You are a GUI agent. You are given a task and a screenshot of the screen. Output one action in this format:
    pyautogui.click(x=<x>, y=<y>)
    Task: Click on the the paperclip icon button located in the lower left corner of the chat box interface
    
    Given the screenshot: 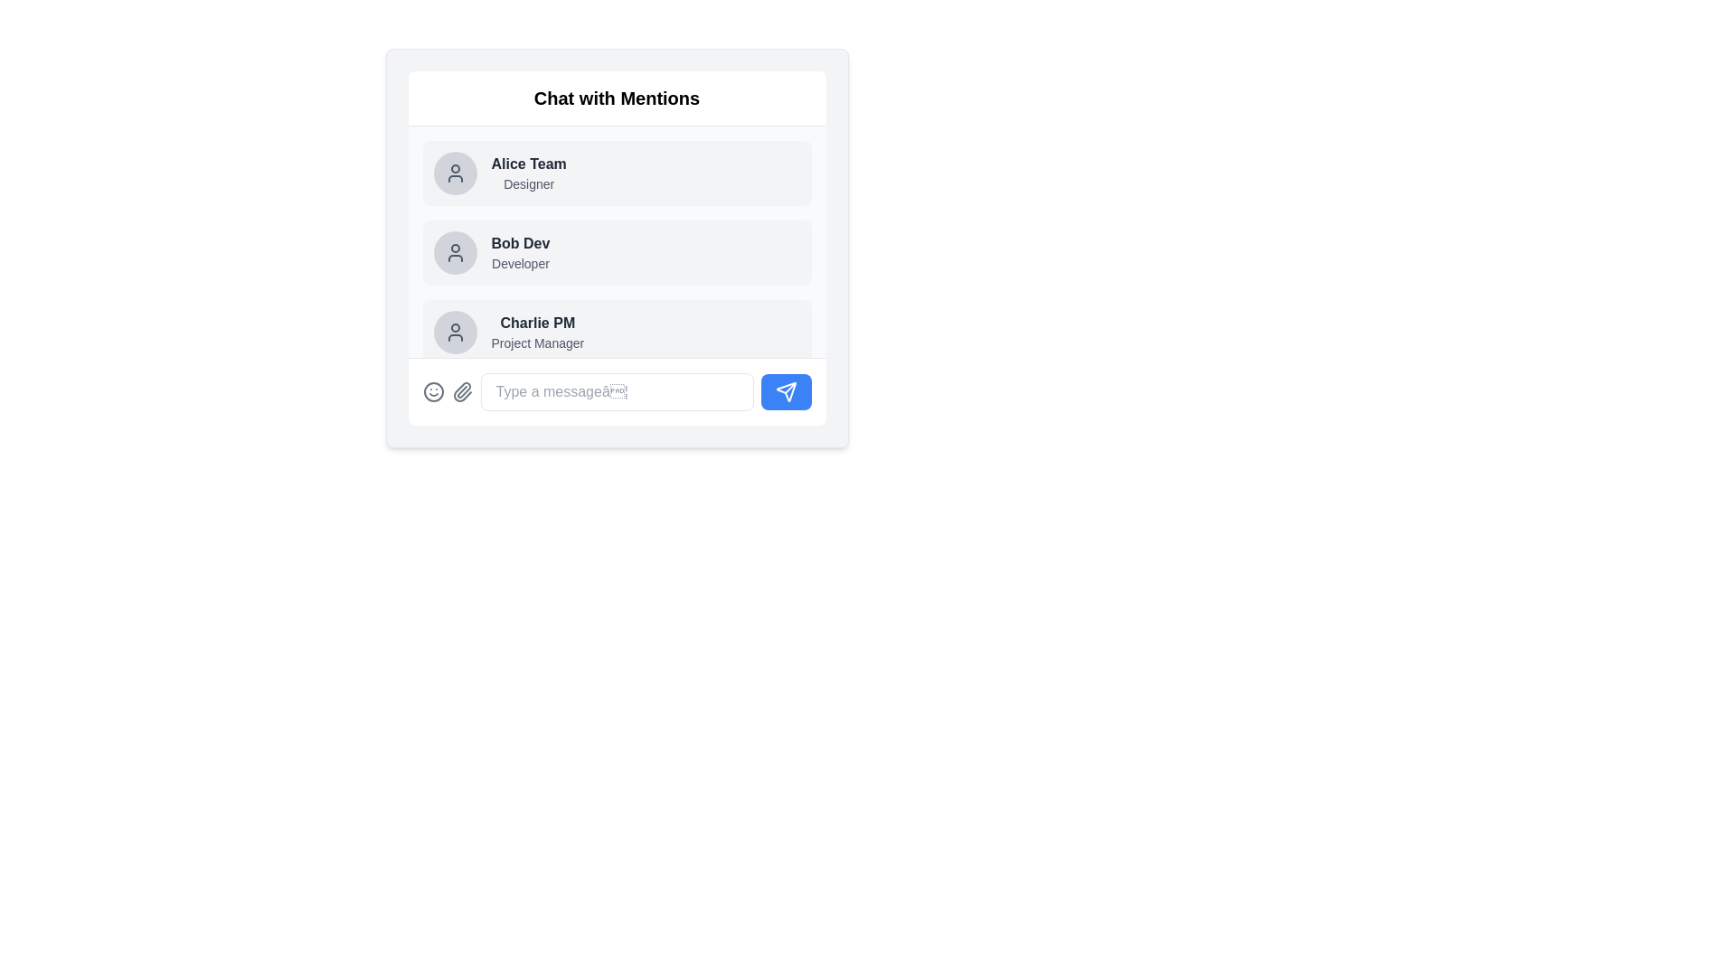 What is the action you would take?
    pyautogui.click(x=462, y=391)
    